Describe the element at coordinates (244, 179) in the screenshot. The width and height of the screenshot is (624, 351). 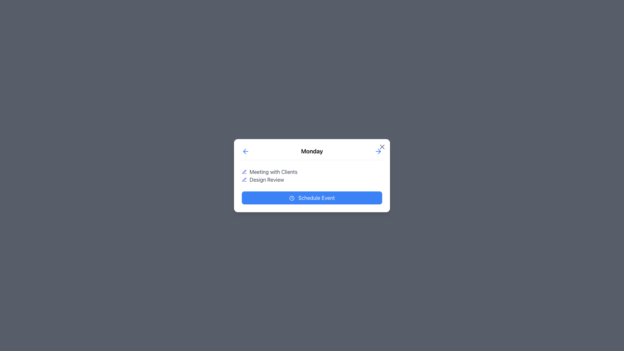
I see `the pen icon representing the 'Design Review' feature, located to the left of the 'Design Review' text` at that location.